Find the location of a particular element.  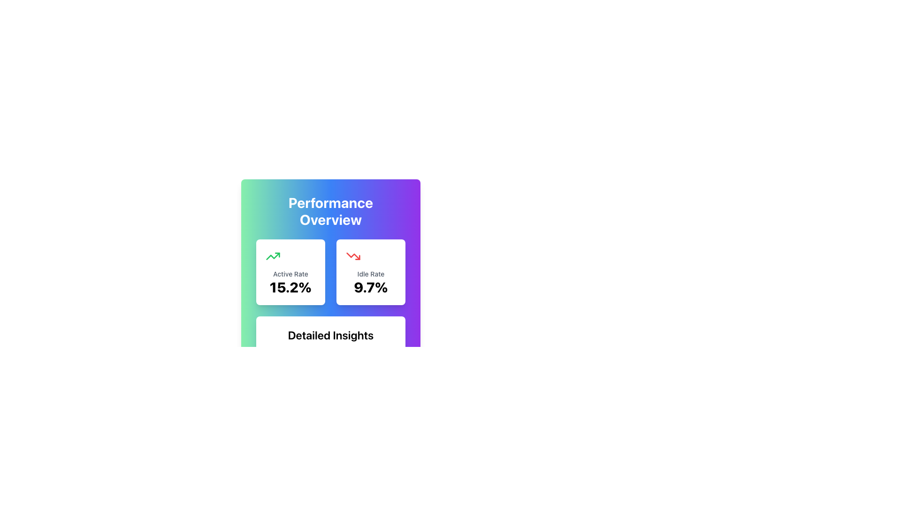

the green line chart icon with an upward arrow to inspect its details is located at coordinates (272, 256).